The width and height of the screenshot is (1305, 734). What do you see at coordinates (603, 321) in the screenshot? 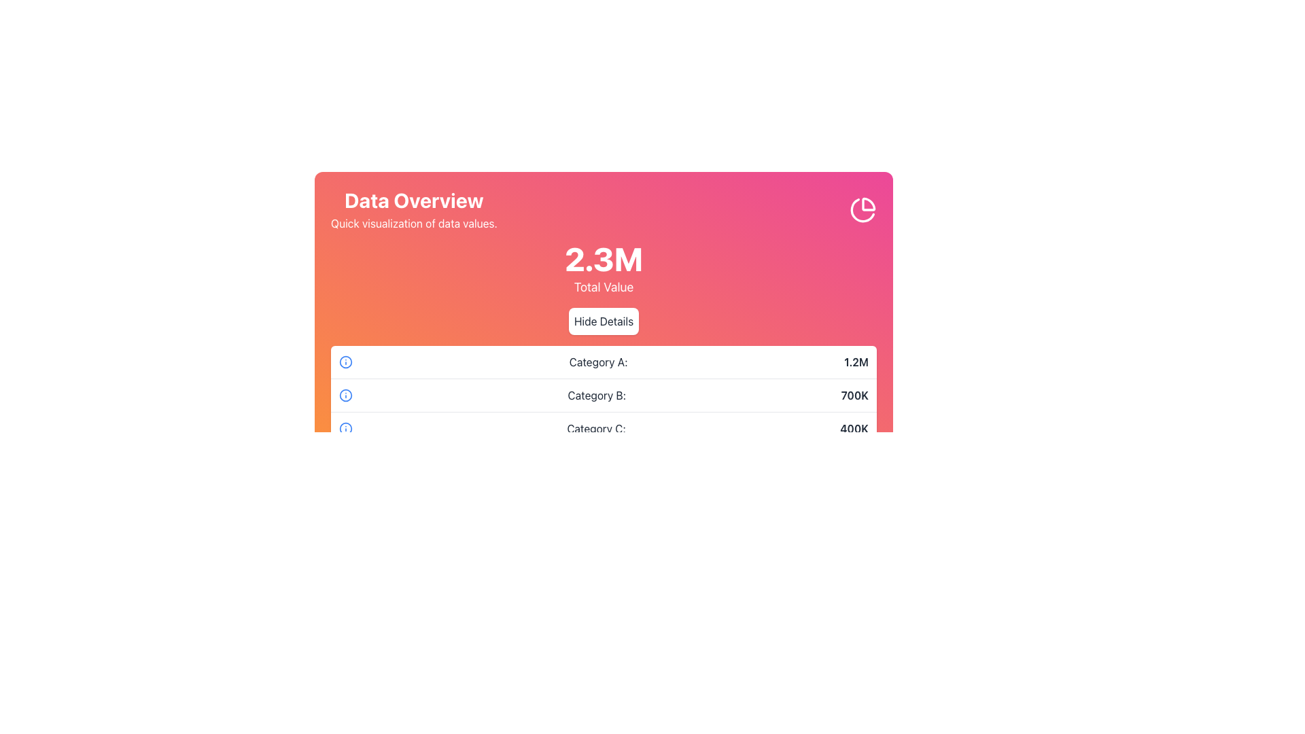
I see `the 'Hide Details' button with rounded edges and gray text` at bounding box center [603, 321].